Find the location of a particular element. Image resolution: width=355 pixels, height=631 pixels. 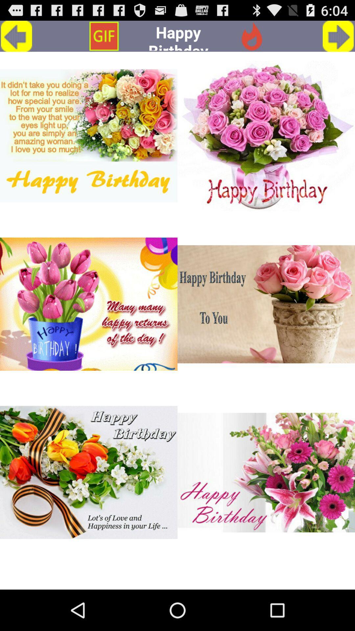

gif is located at coordinates (89, 135).